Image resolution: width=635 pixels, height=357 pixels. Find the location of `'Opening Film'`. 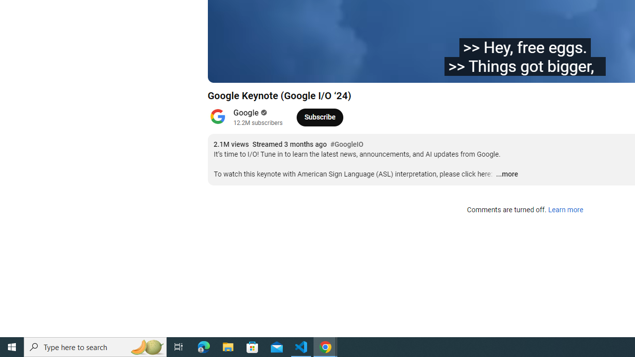

'Opening Film' is located at coordinates (356, 70).